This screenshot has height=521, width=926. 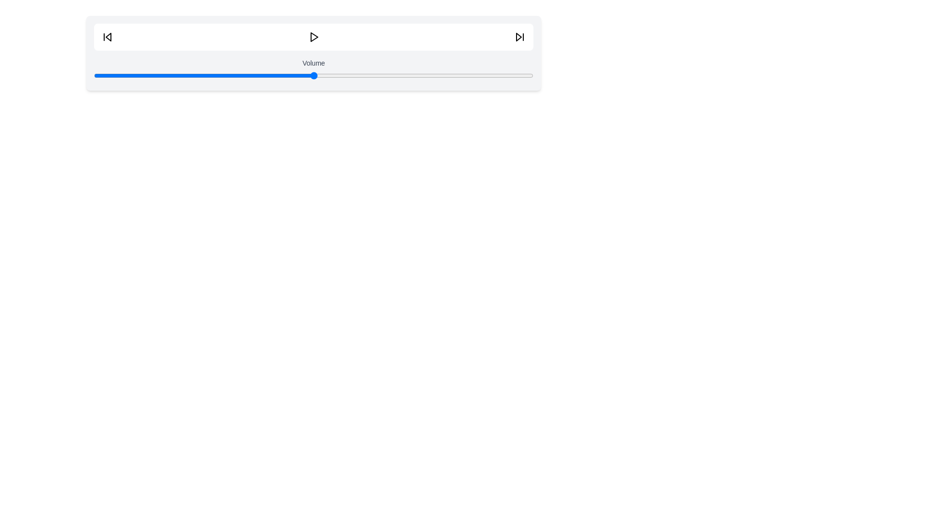 What do you see at coordinates (519, 75) in the screenshot?
I see `the volume level` at bounding box center [519, 75].